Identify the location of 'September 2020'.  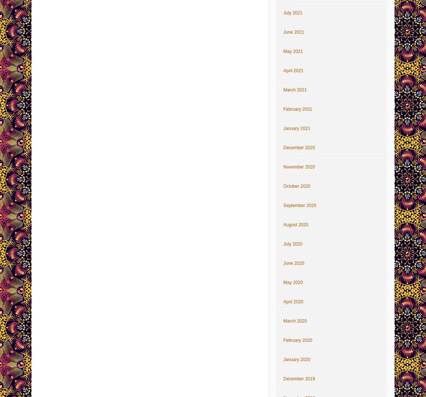
(299, 205).